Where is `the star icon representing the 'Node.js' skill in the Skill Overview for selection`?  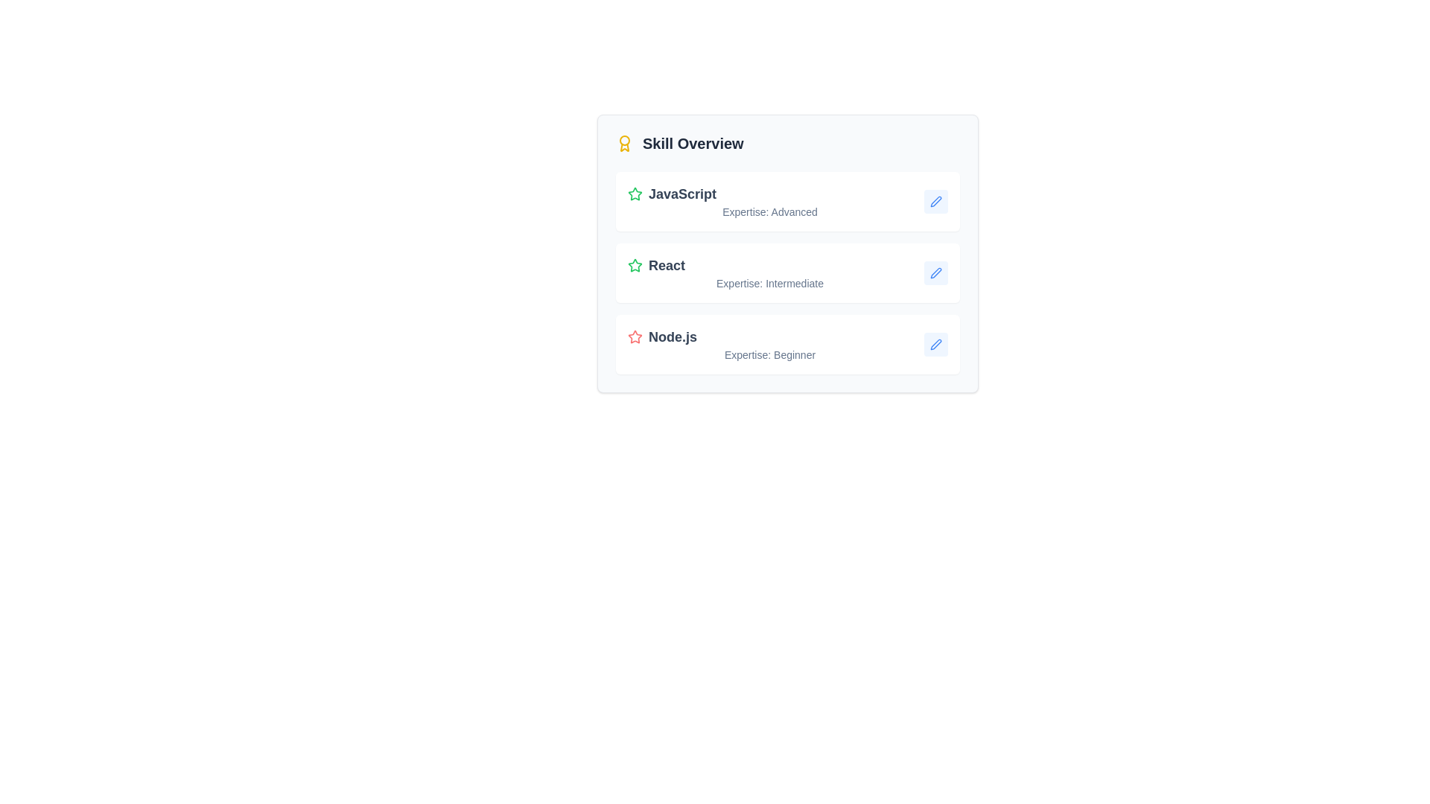 the star icon representing the 'Node.js' skill in the Skill Overview for selection is located at coordinates (635, 336).